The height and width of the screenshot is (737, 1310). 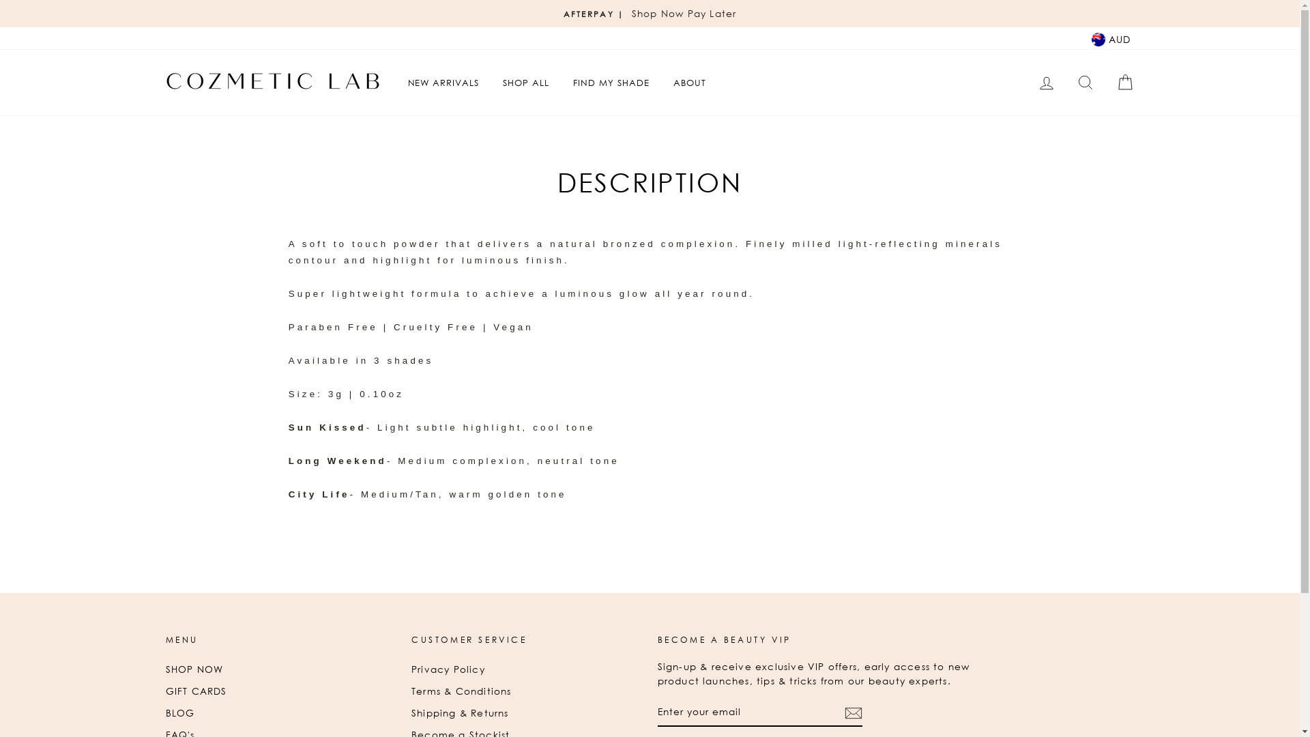 What do you see at coordinates (461, 691) in the screenshot?
I see `'Terms & Conditions'` at bounding box center [461, 691].